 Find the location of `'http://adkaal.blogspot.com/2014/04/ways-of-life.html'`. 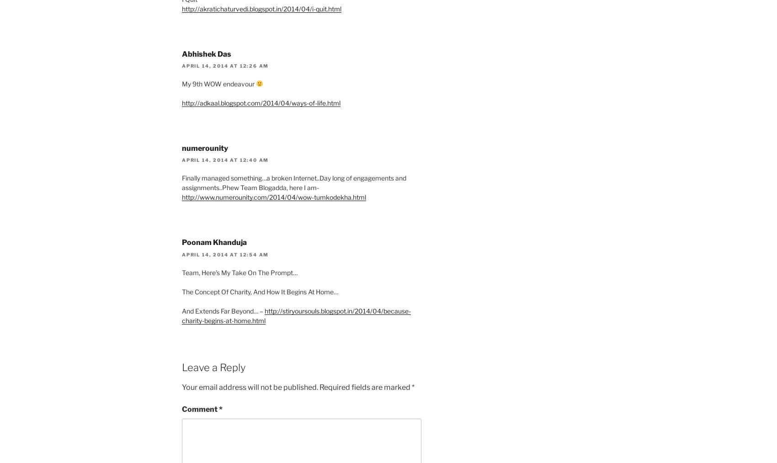

'http://adkaal.blogspot.com/2014/04/ways-of-life.html' is located at coordinates (181, 102).